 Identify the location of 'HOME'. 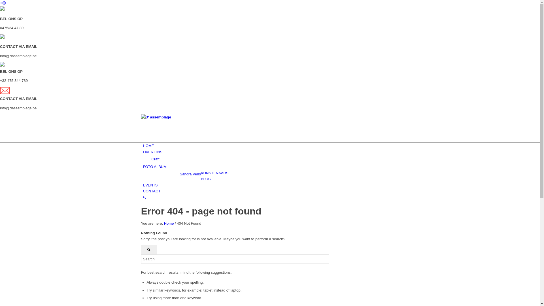
(143, 145).